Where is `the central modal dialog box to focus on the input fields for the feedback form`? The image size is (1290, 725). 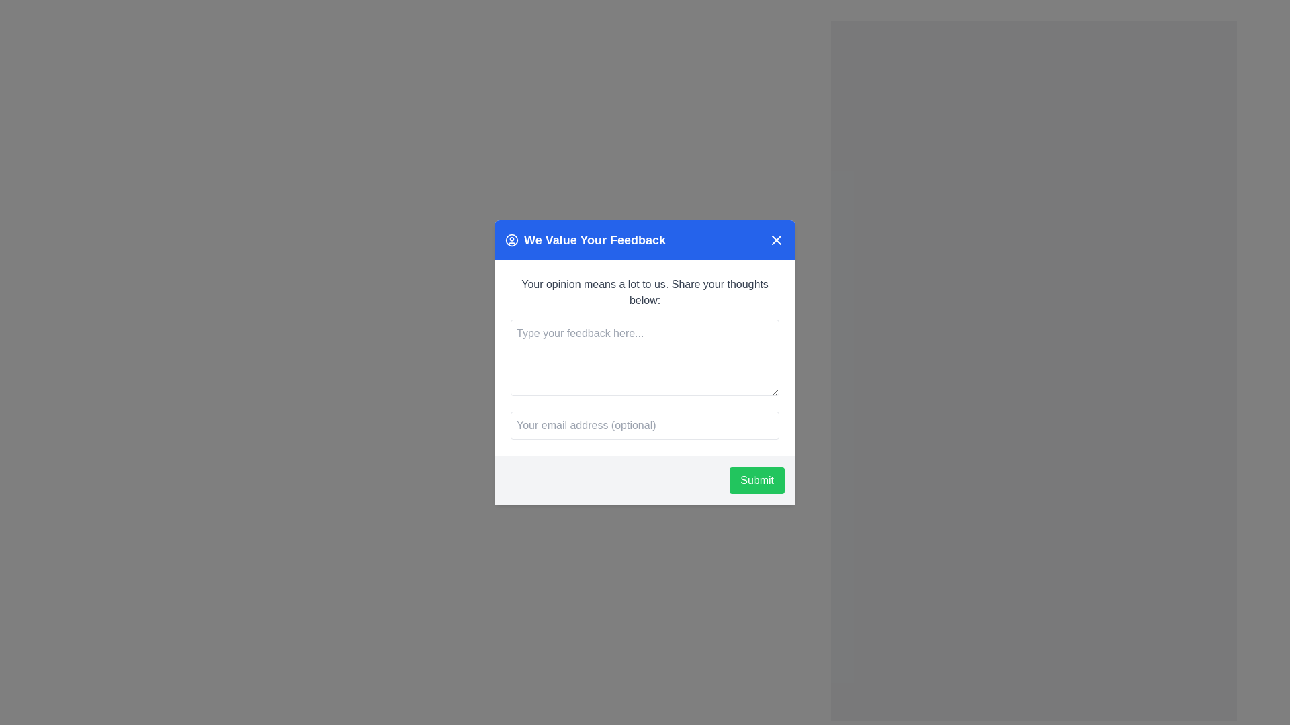 the central modal dialog box to focus on the input fields for the feedback form is located at coordinates (645, 362).